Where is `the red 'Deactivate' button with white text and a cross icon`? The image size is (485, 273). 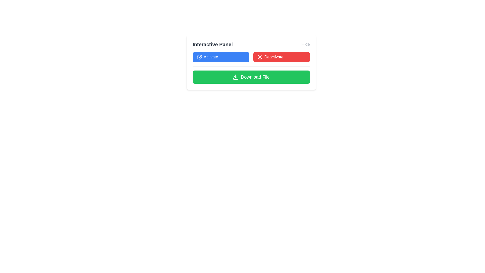
the red 'Deactivate' button with white text and a cross icon is located at coordinates (281, 57).